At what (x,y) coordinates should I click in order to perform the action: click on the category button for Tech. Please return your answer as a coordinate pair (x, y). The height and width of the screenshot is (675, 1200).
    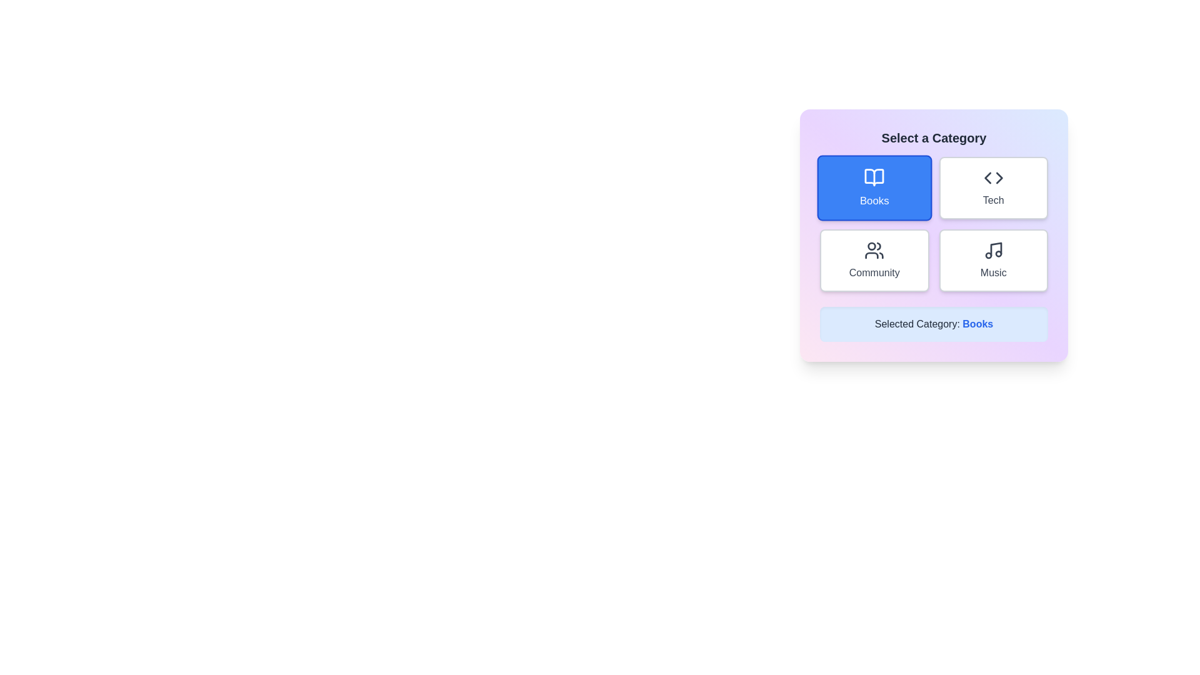
    Looking at the image, I should click on (992, 187).